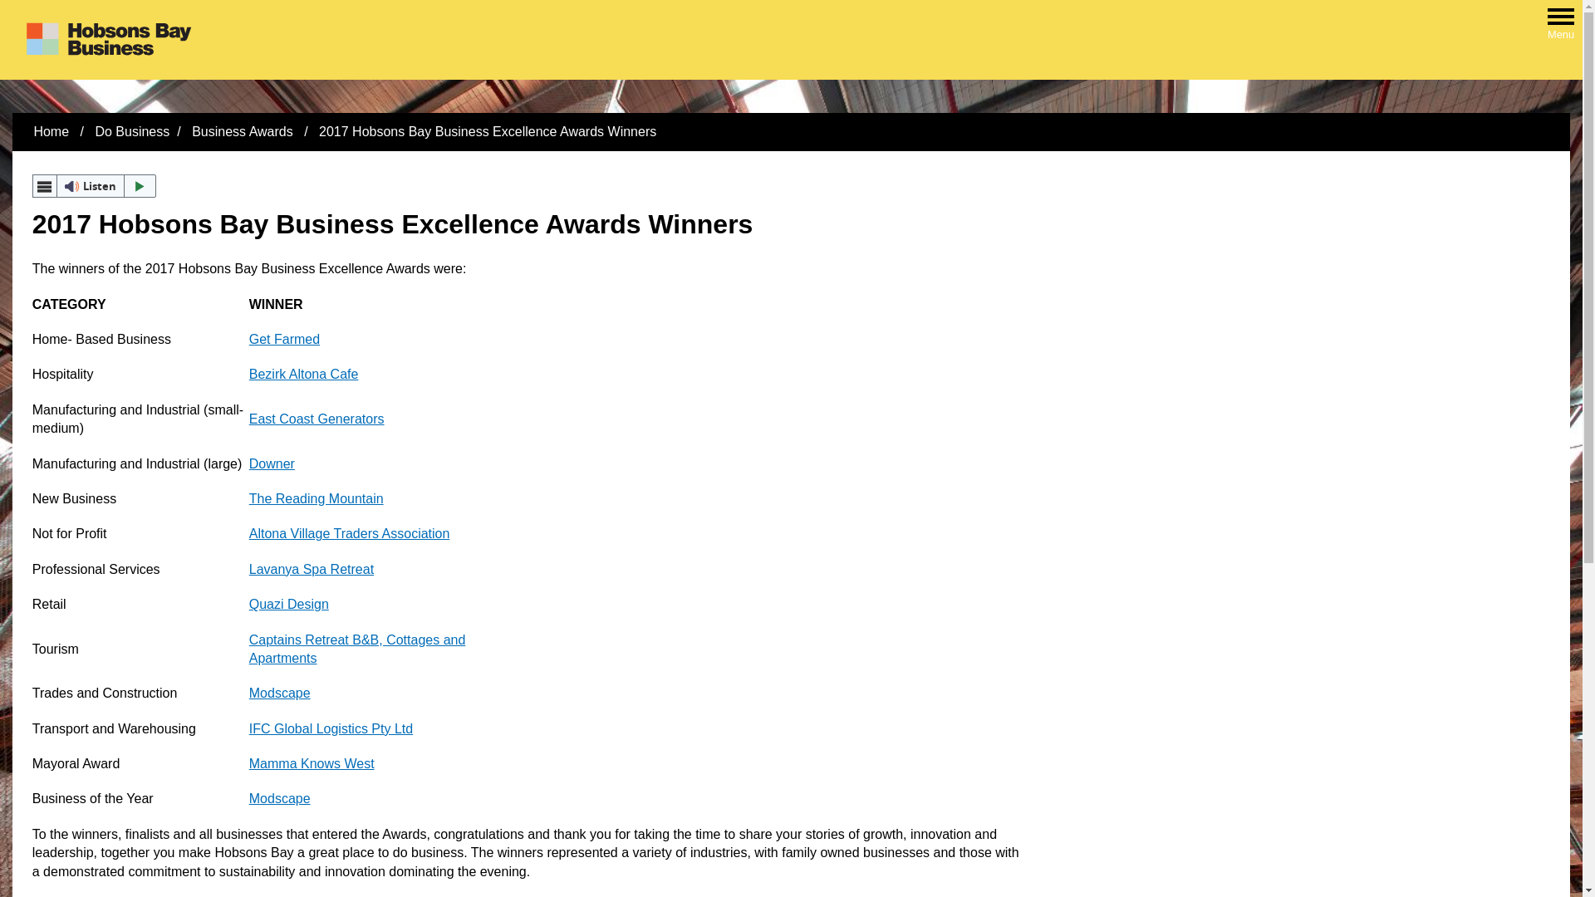  I want to click on 'Downer', so click(272, 463).